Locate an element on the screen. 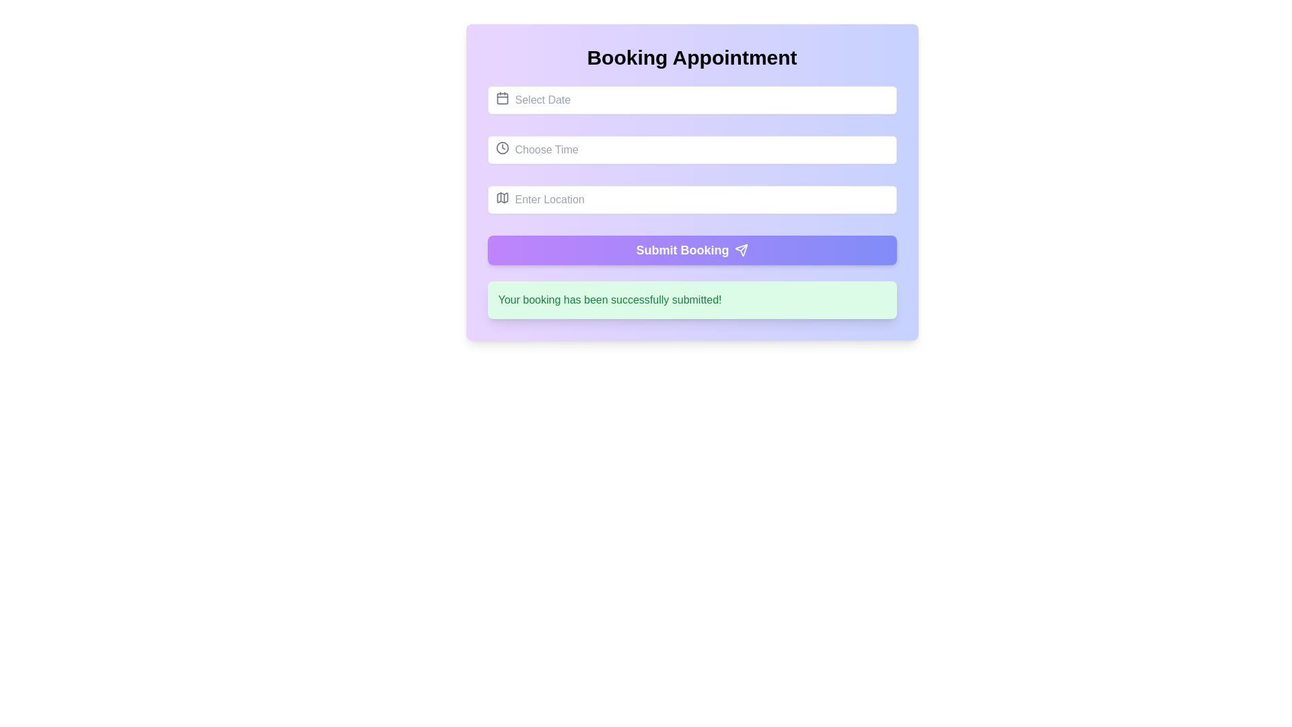 The height and width of the screenshot is (727, 1292). the 'Submit Booking' button which contains a triangular SVG vector graphic resembling an arrow or paper plane, positioned on the right side of the button is located at coordinates (740, 250).